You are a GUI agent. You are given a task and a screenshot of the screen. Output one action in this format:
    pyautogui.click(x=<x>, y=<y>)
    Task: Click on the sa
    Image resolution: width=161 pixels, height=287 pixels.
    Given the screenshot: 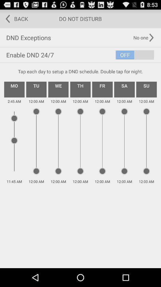 What is the action you would take?
    pyautogui.click(x=124, y=89)
    